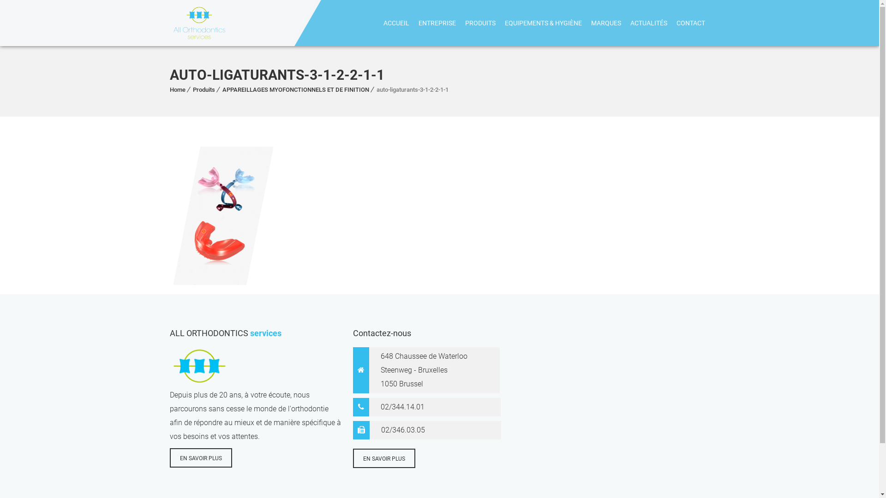 The width and height of the screenshot is (886, 498). What do you see at coordinates (296, 89) in the screenshot?
I see `'APPAREILLAGES MYOFONCTIONNELS ET DE FINITION'` at bounding box center [296, 89].